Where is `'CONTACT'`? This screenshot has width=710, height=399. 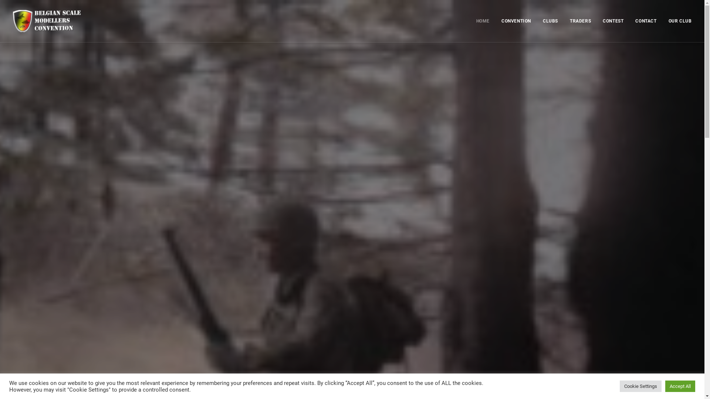 'CONTACT' is located at coordinates (630, 21).